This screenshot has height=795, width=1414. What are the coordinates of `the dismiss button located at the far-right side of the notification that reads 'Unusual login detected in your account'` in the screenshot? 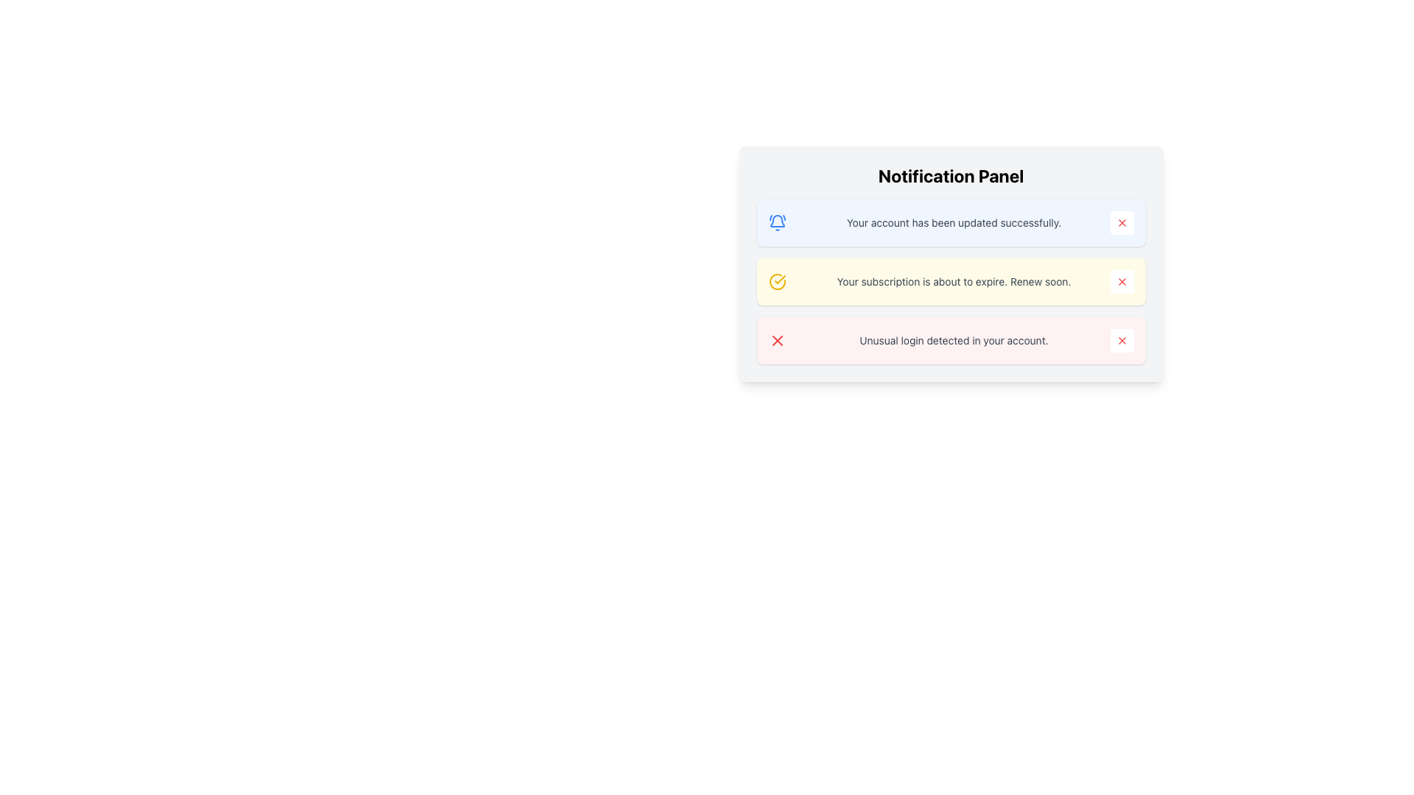 It's located at (1121, 340).